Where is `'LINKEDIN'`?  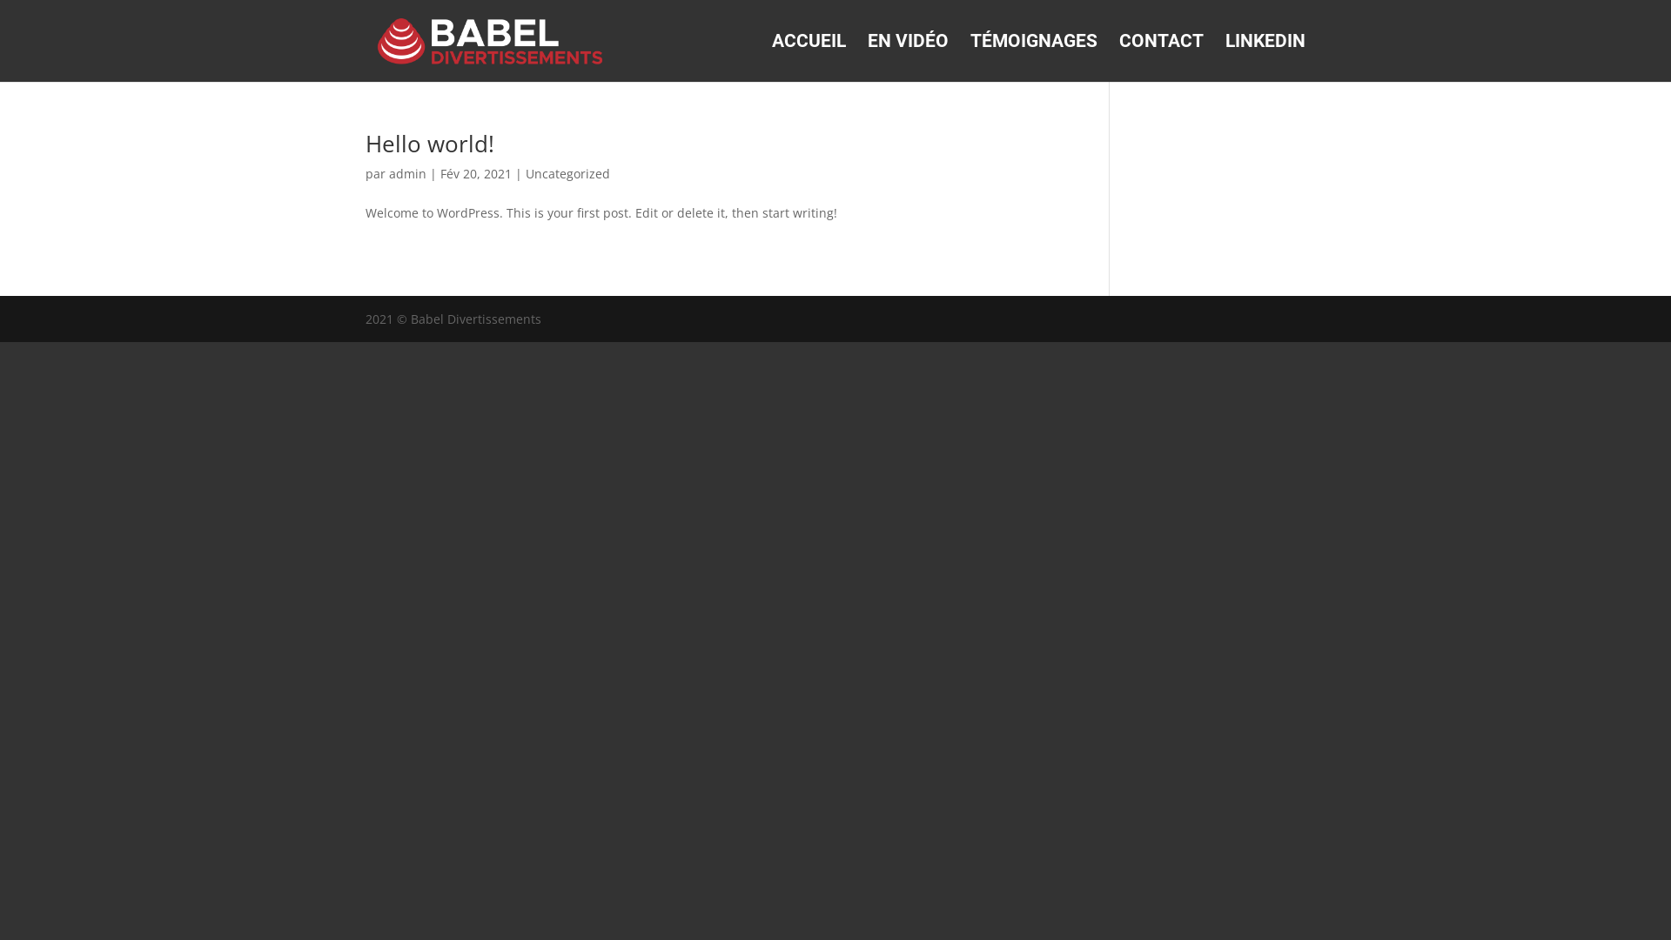 'LINKEDIN' is located at coordinates (1265, 57).